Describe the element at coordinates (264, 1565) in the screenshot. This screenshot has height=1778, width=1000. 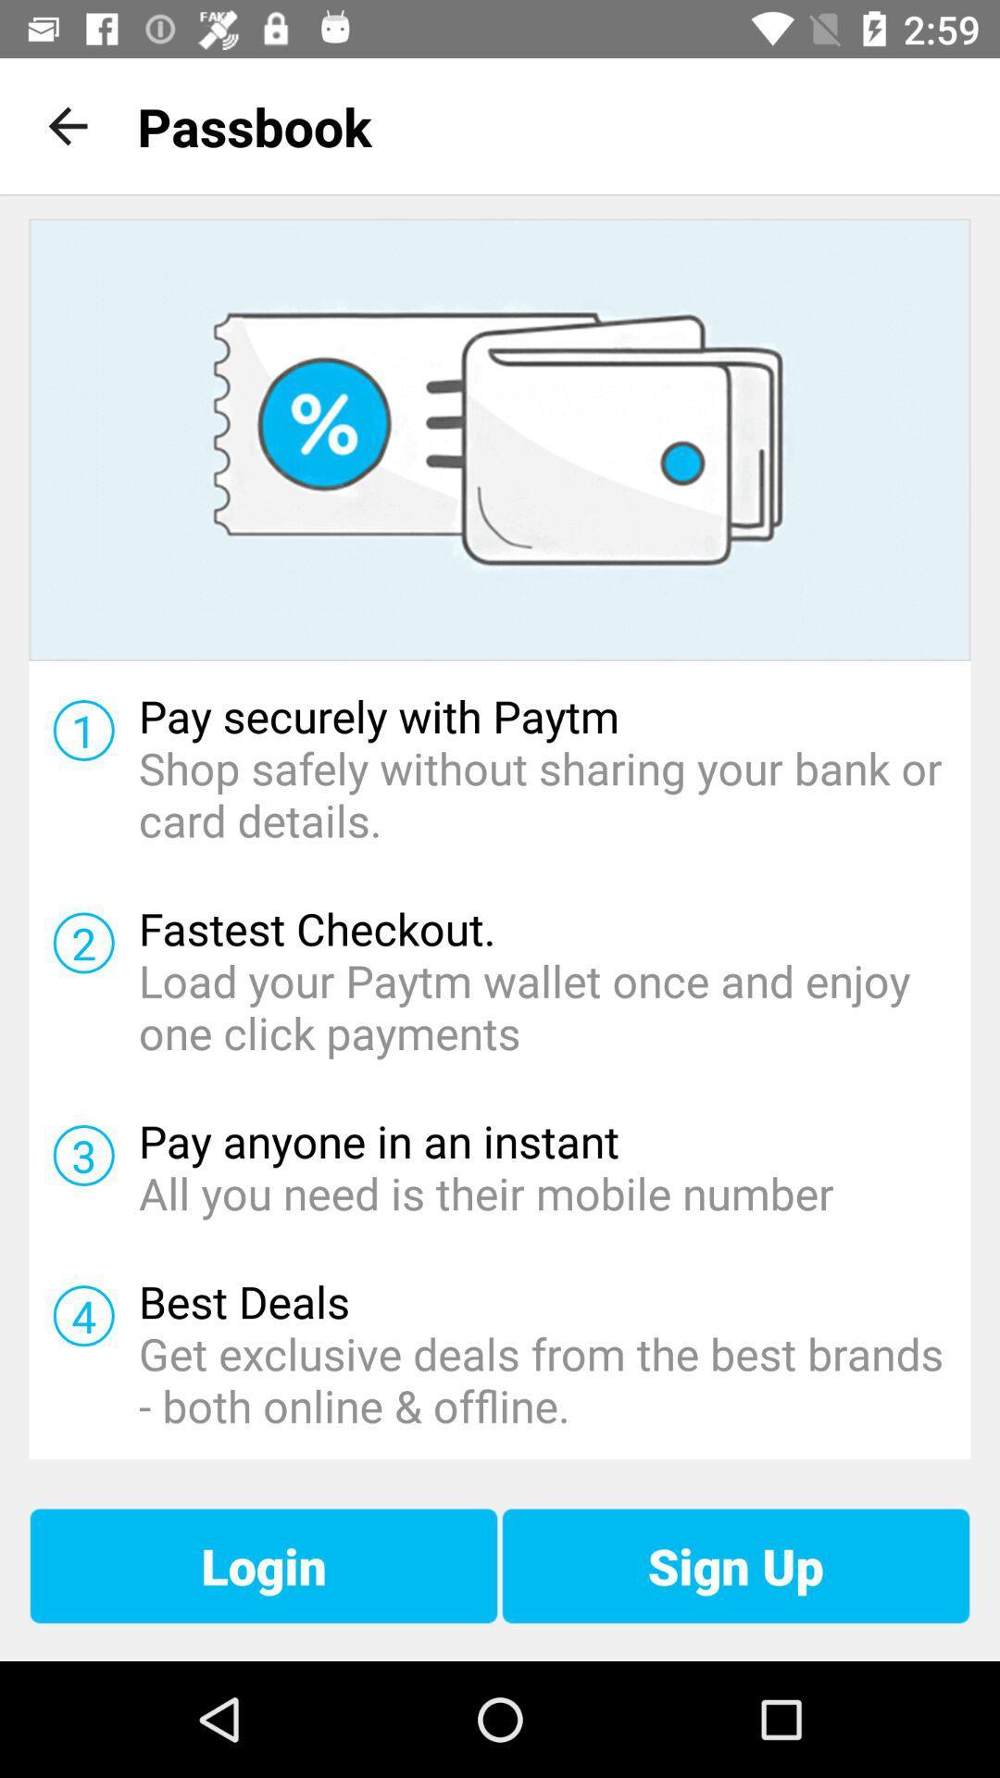
I see `item to the left of sign up` at that location.